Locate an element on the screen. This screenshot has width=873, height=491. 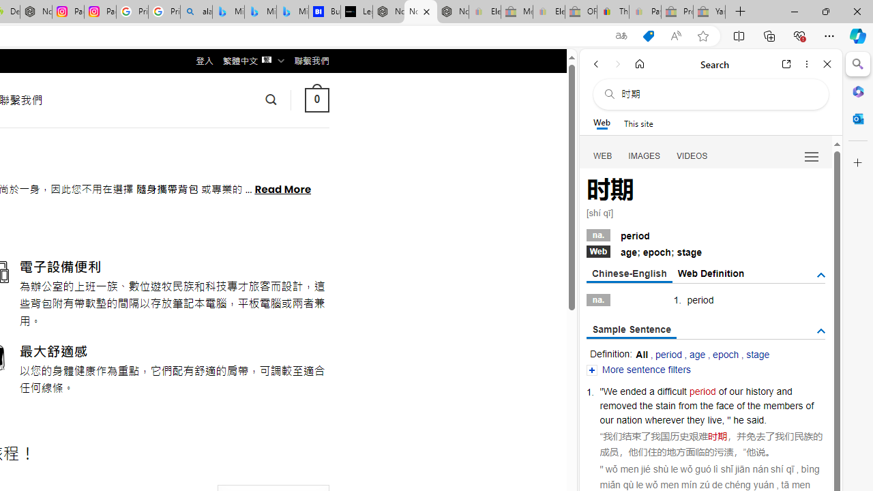
'Threats and offensive language policy | eBay' is located at coordinates (612, 12).